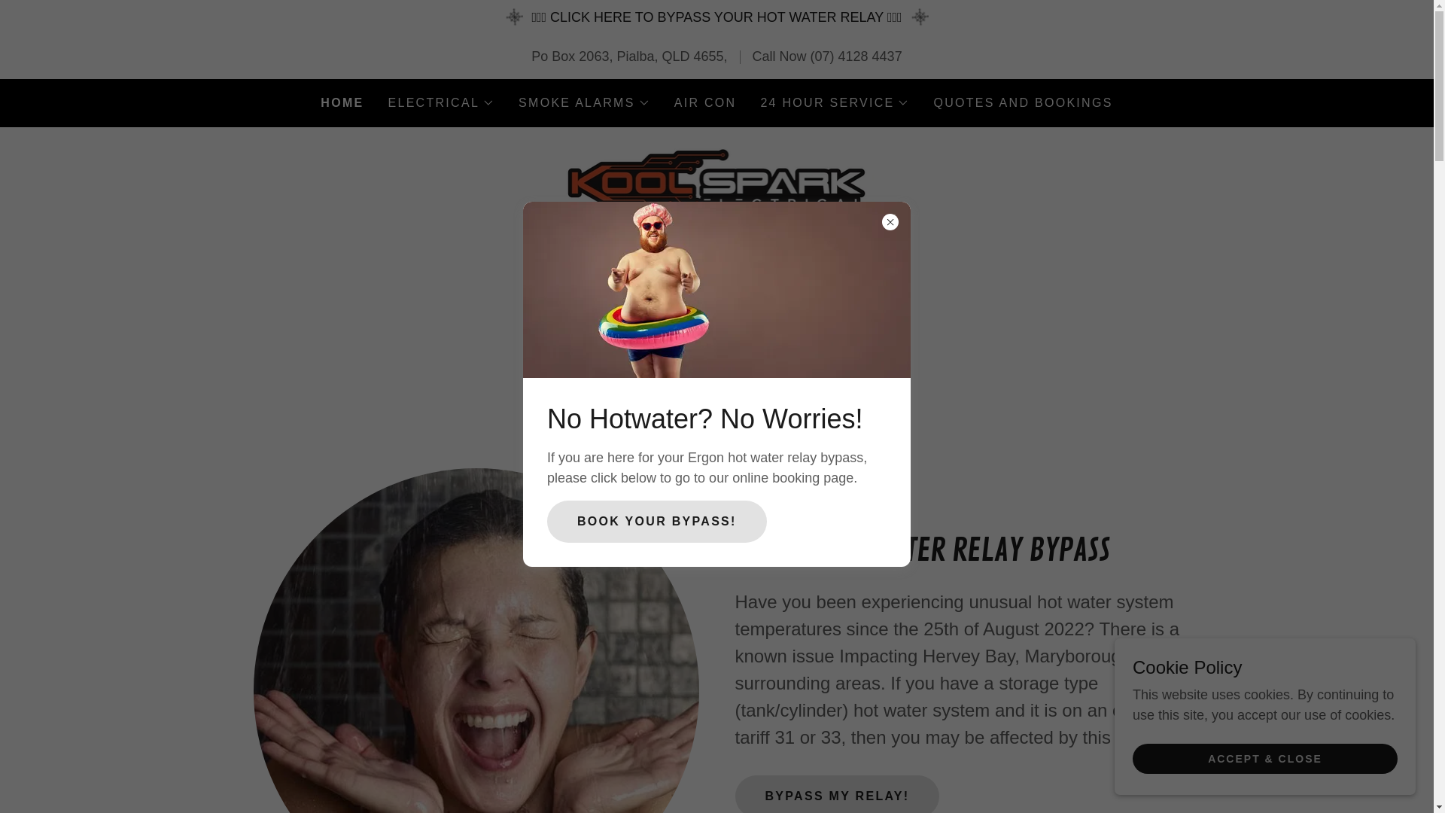 This screenshot has height=813, width=1445. Describe the element at coordinates (1264, 758) in the screenshot. I see `'ACCEPT & CLOSE'` at that location.